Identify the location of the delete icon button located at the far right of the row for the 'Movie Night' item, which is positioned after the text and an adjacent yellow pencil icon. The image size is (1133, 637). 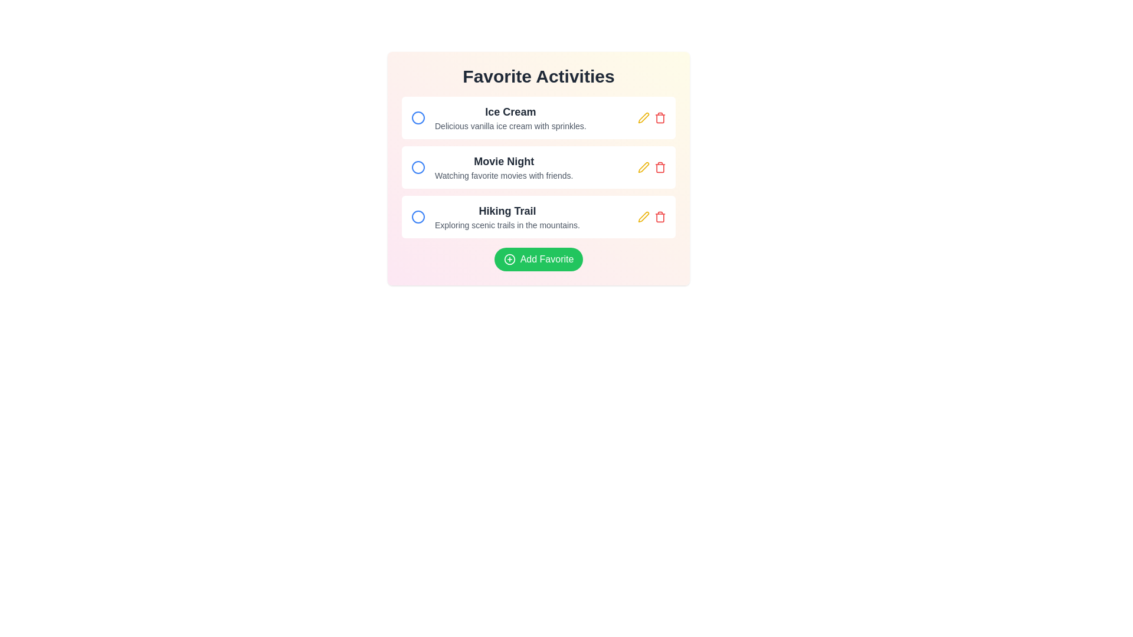
(659, 168).